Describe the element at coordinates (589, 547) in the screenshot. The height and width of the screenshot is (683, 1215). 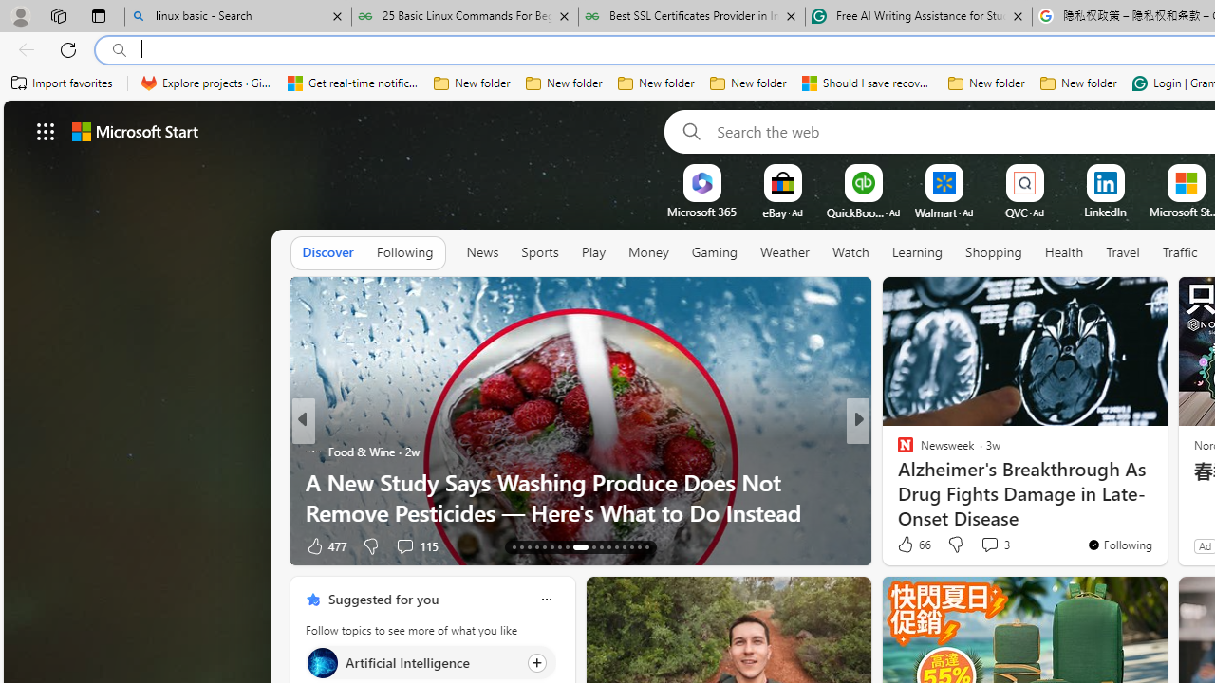
I see `'AutomationID: tab-22'` at that location.